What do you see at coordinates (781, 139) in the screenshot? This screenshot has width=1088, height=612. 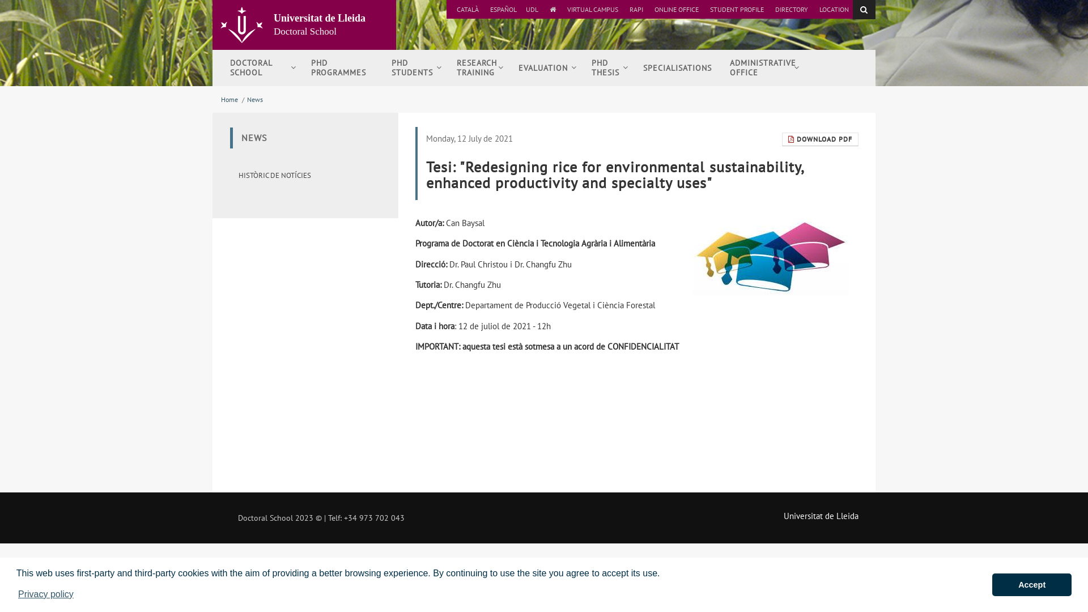 I see `' DOWNLOAD PDF'` at bounding box center [781, 139].